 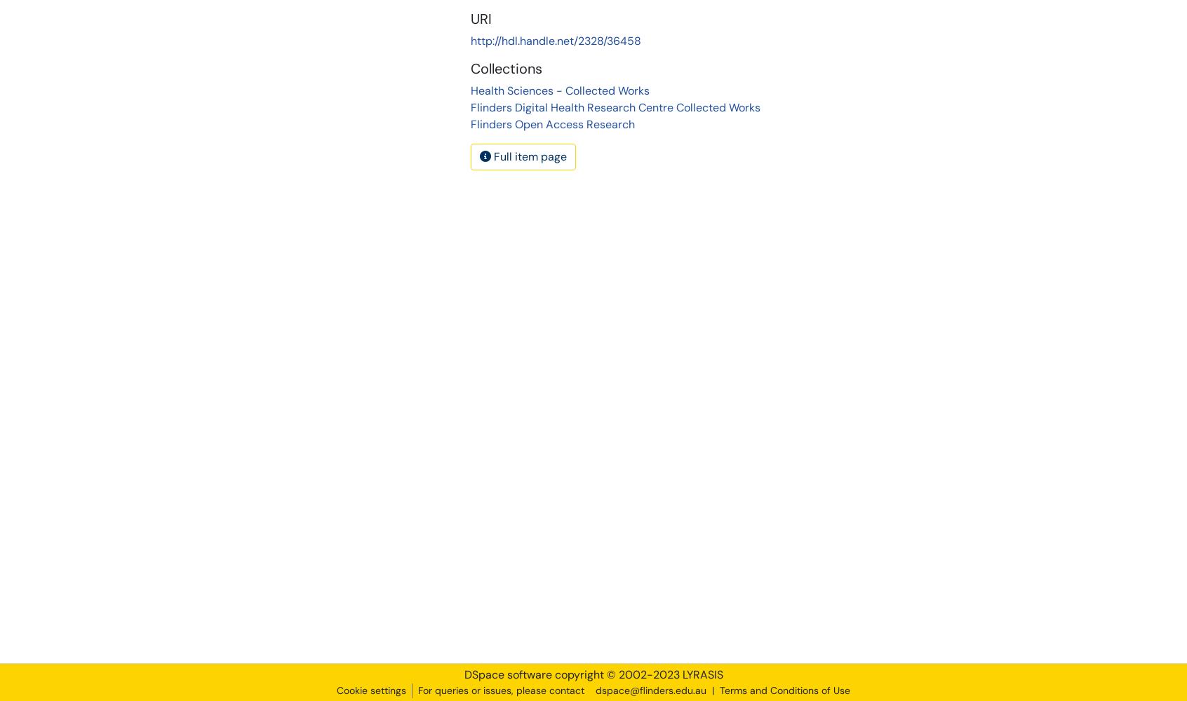 What do you see at coordinates (651, 690) in the screenshot?
I see `'dspace@flinders.edu.au'` at bounding box center [651, 690].